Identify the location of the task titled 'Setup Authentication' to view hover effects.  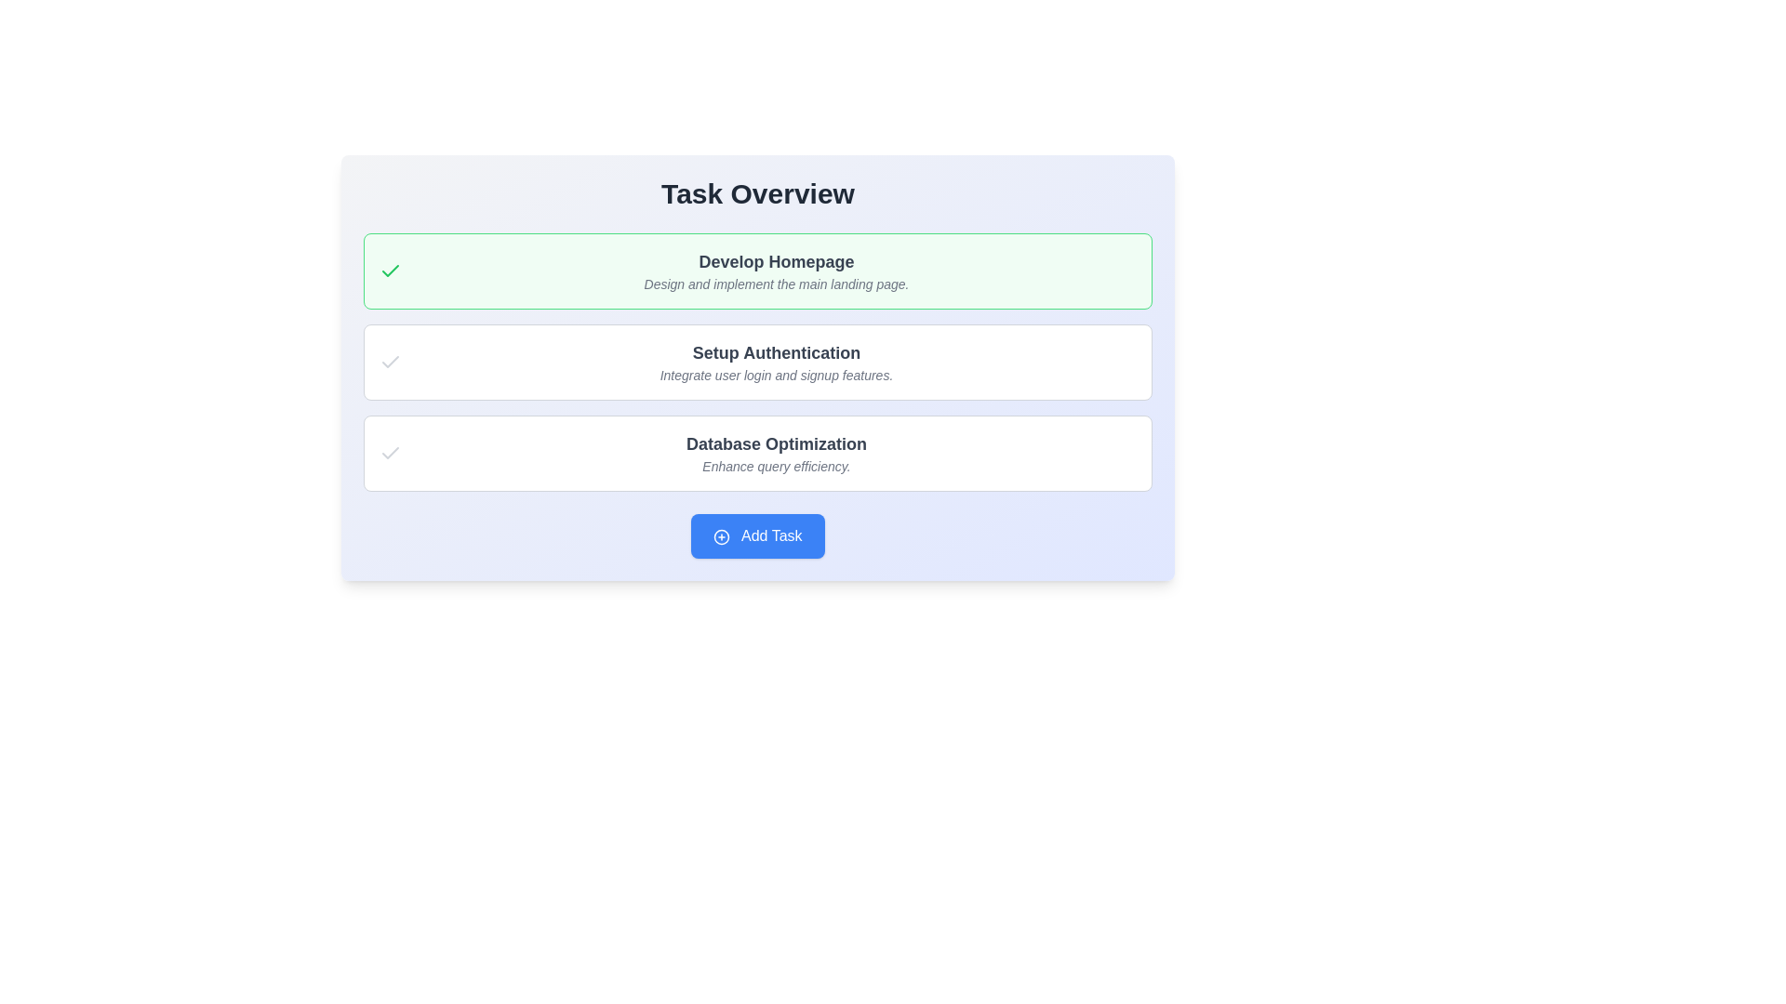
(758, 362).